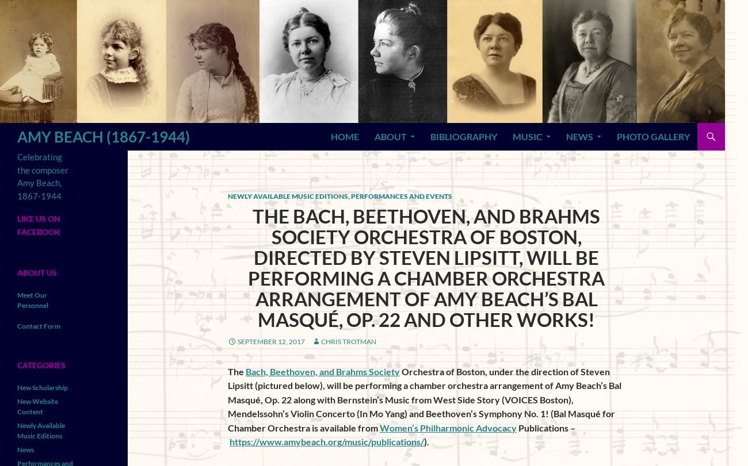 The width and height of the screenshot is (748, 466). I want to click on ').', so click(426, 440).